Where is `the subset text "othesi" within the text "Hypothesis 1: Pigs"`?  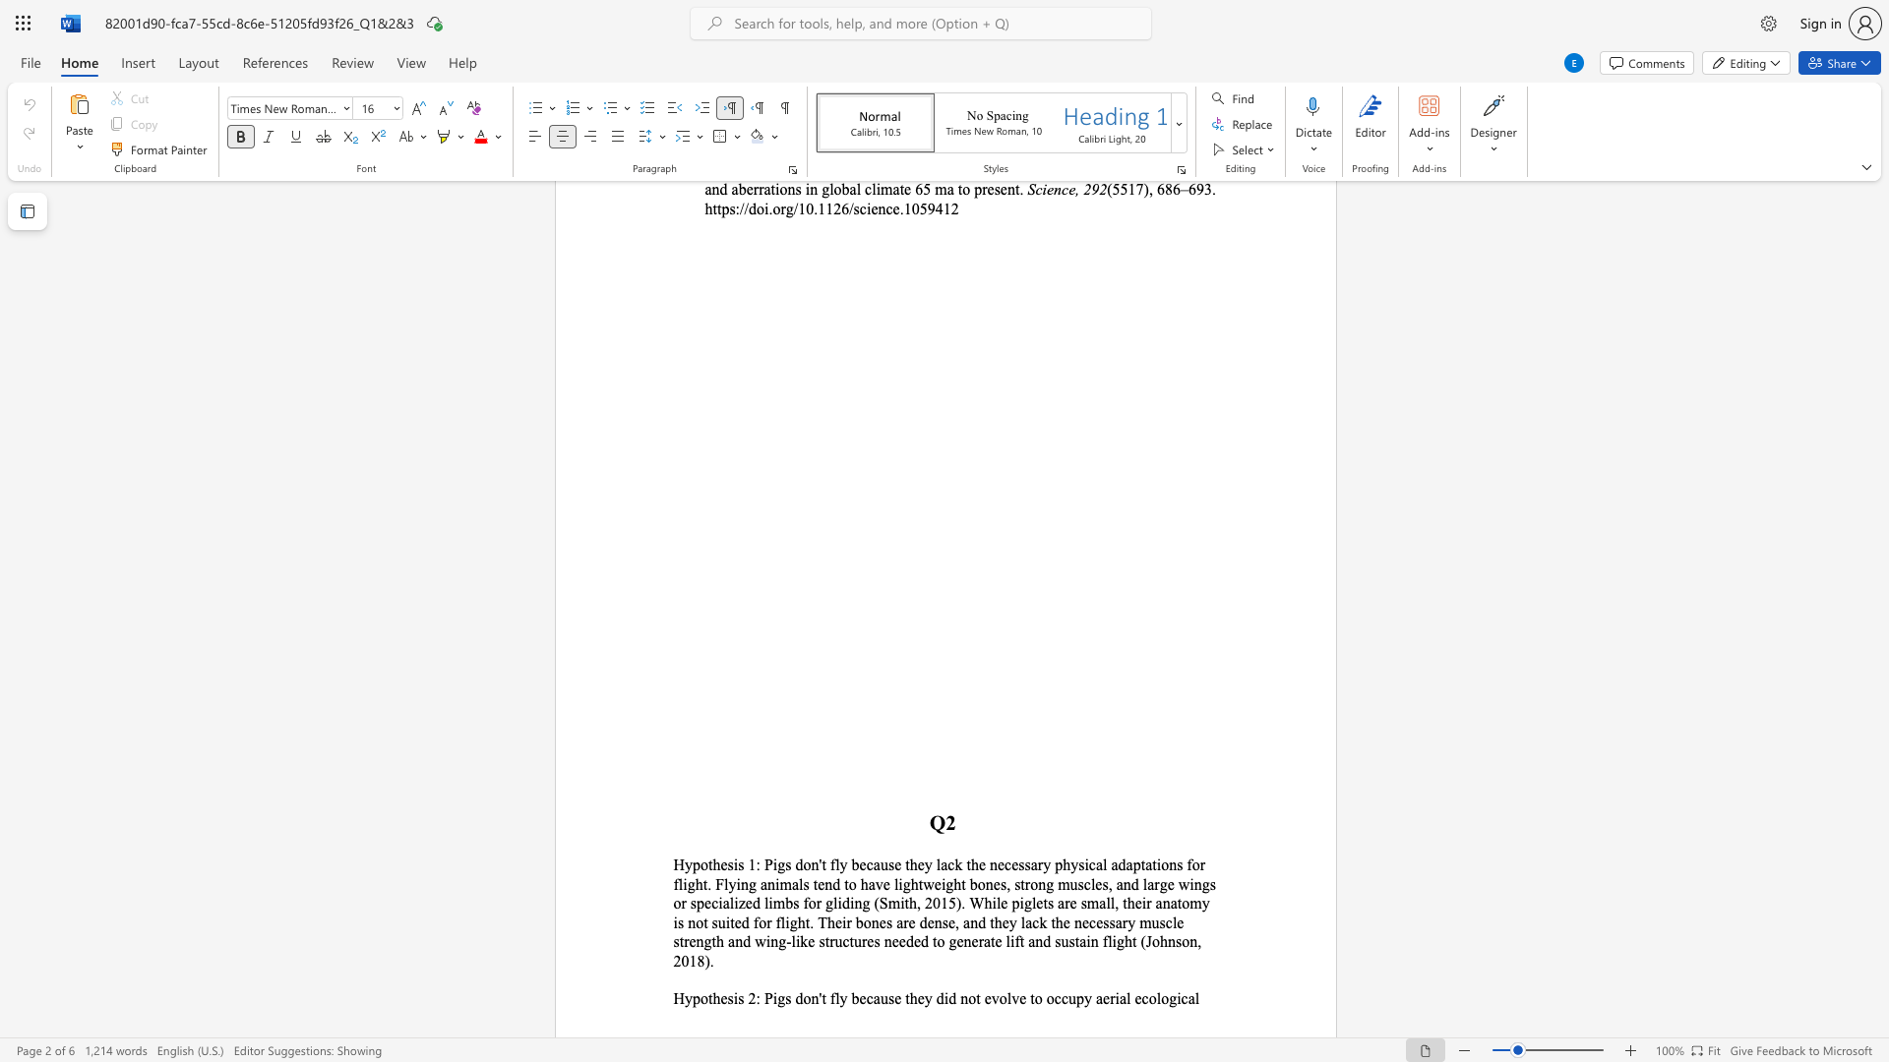
the subset text "othesi" within the text "Hypothesis 1: Pigs" is located at coordinates (701, 863).